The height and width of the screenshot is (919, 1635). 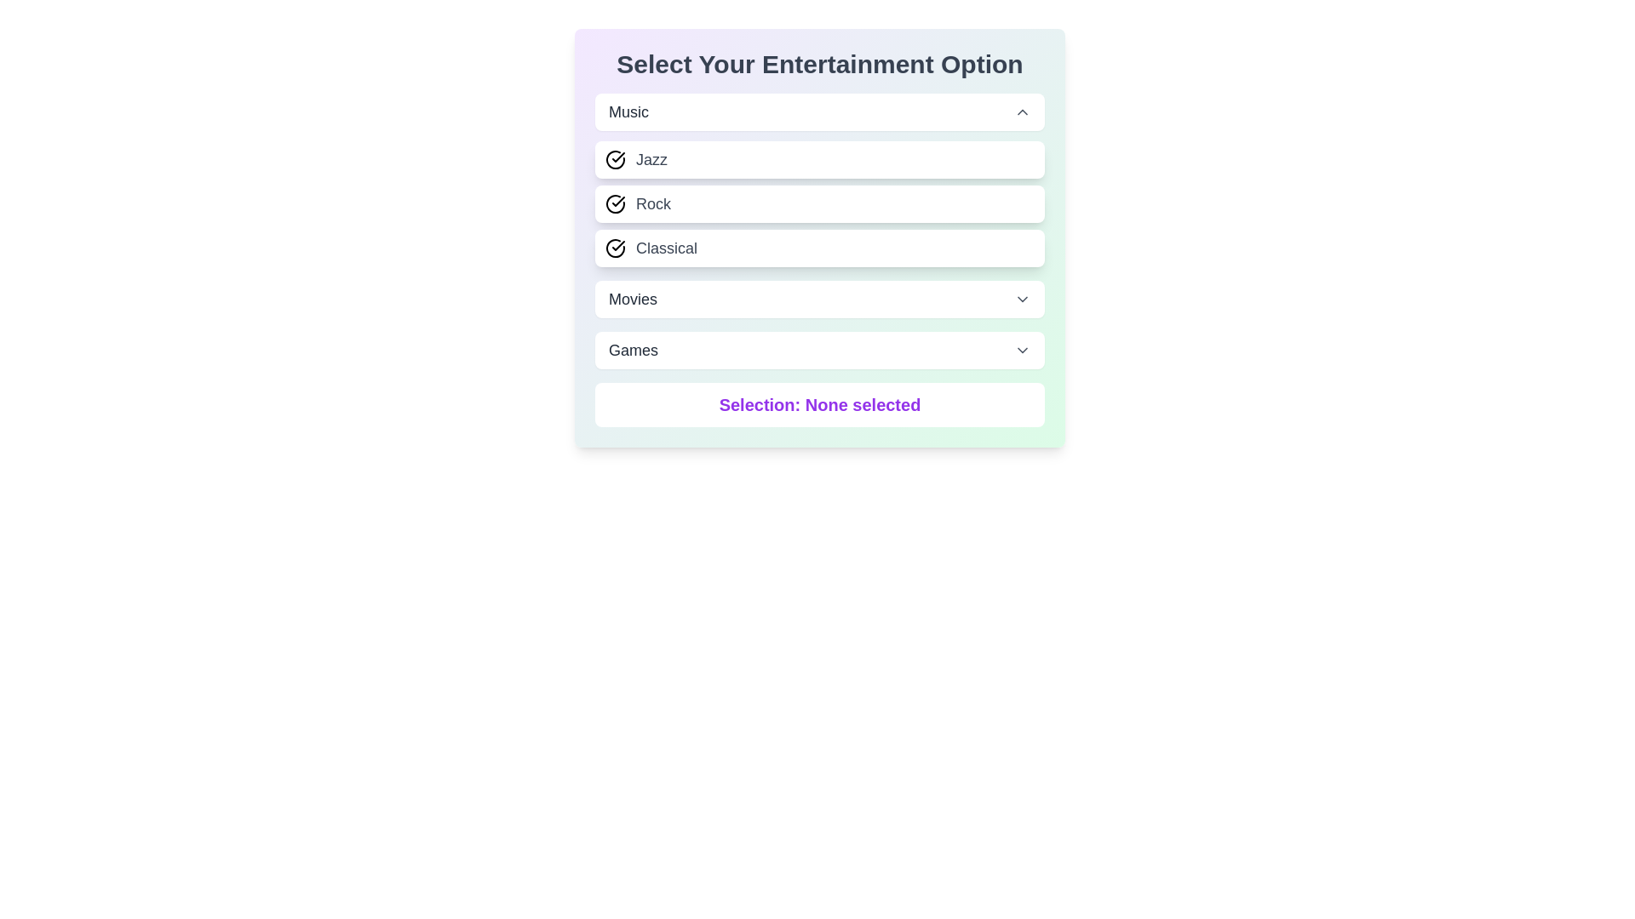 What do you see at coordinates (820, 298) in the screenshot?
I see `the 'Movies' dropdown menu trigger button, which is a rectangular button with a white background, light shadow, and rounded corners` at bounding box center [820, 298].